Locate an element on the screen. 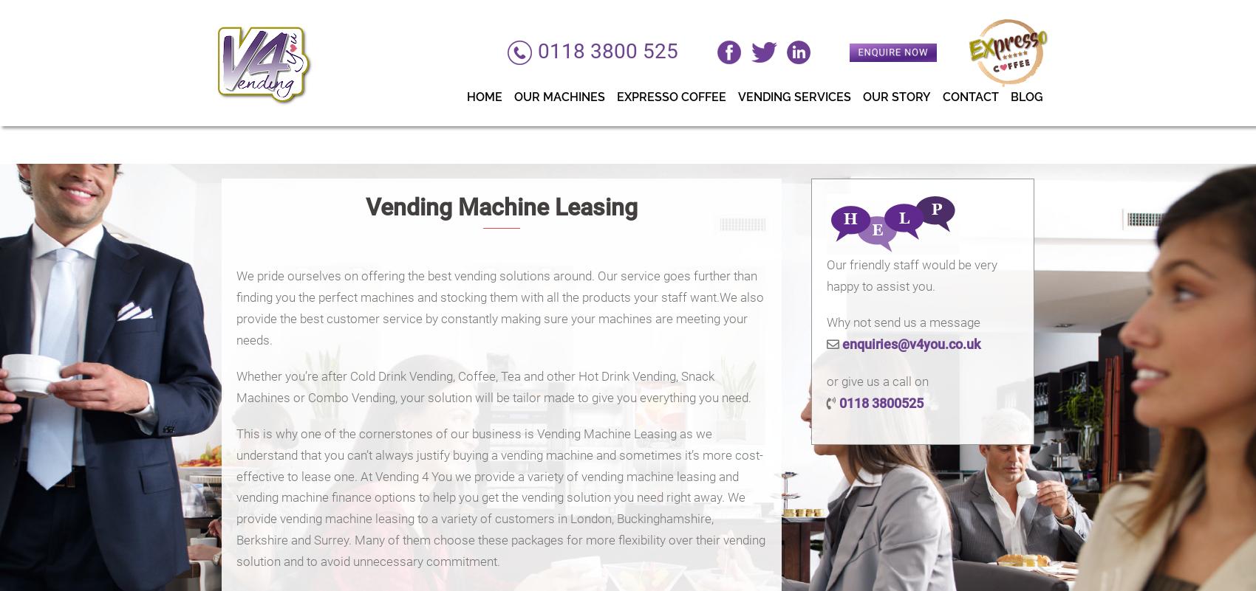 The image size is (1256, 591). 'Vending Machine Leasing' is located at coordinates (501, 206).